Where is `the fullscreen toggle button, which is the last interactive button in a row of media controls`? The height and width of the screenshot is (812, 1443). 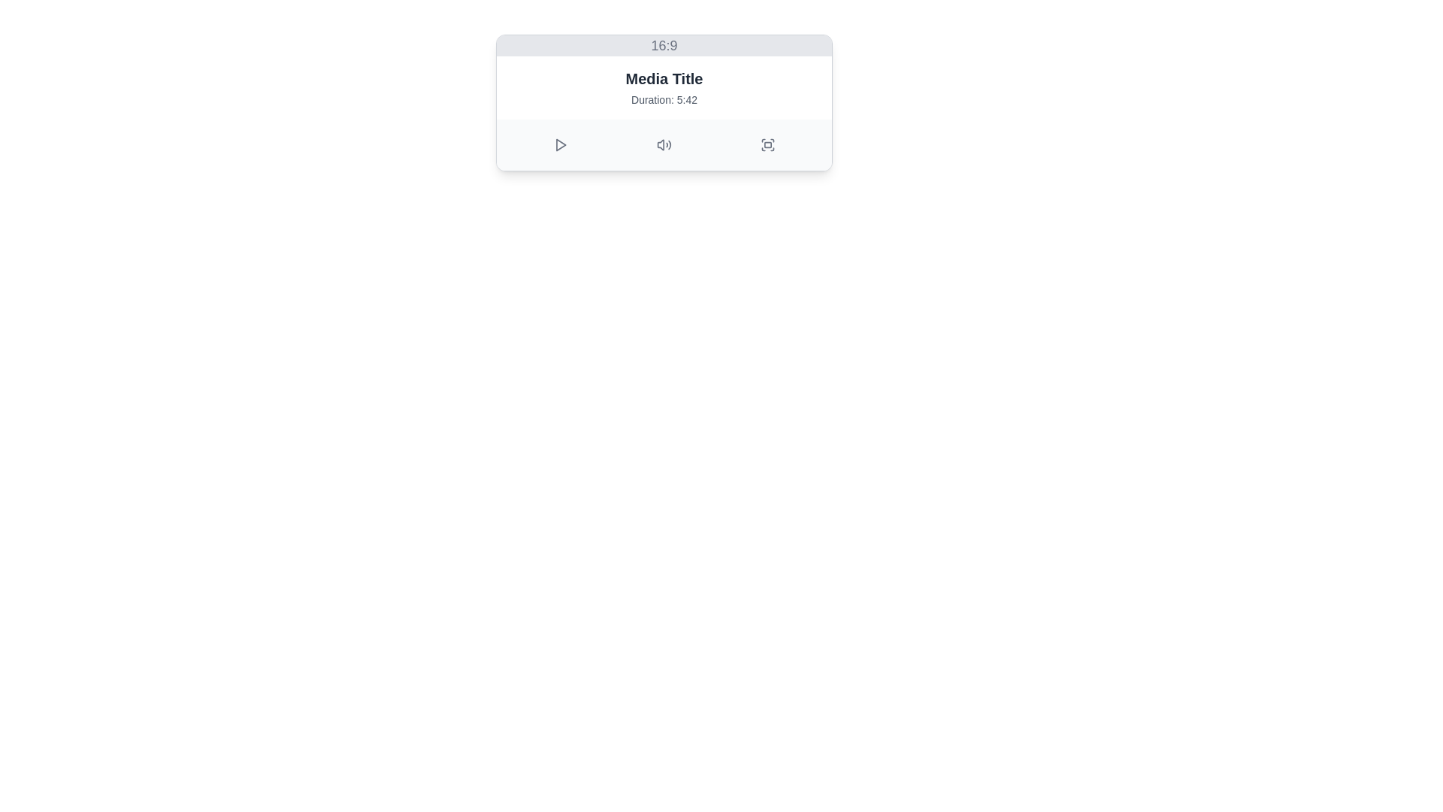 the fullscreen toggle button, which is the last interactive button in a row of media controls is located at coordinates (768, 144).